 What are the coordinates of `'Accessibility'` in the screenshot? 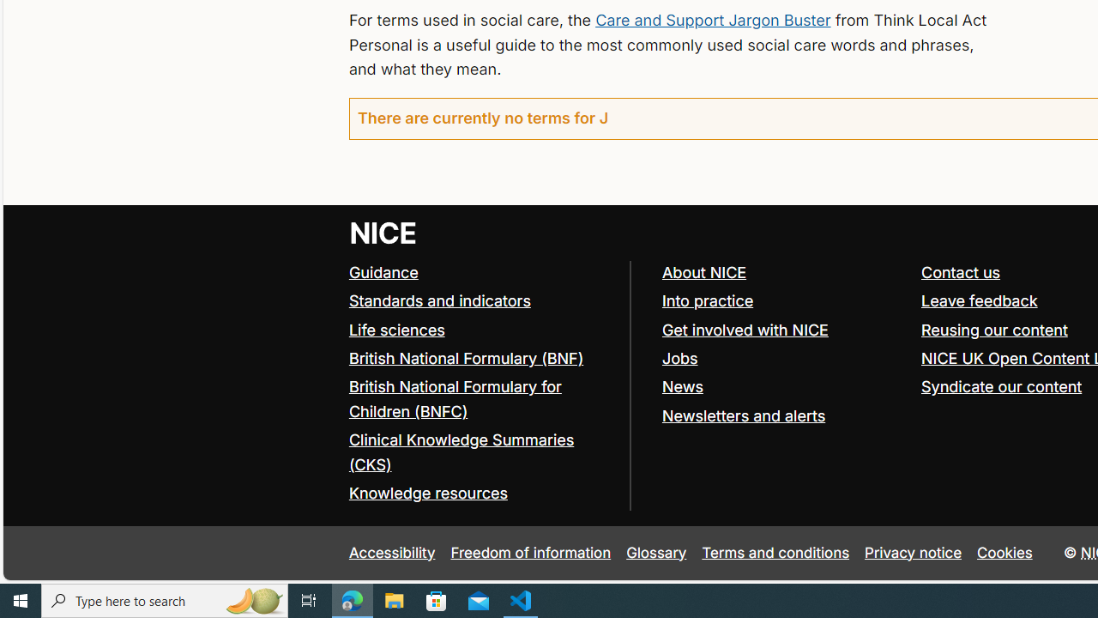 It's located at (390, 553).